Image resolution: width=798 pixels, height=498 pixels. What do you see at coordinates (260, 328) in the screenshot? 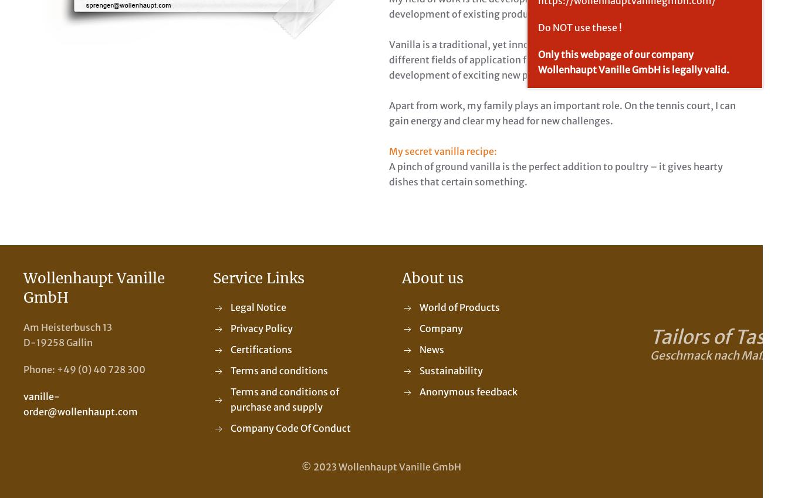
I see `'Privacy Policy'` at bounding box center [260, 328].